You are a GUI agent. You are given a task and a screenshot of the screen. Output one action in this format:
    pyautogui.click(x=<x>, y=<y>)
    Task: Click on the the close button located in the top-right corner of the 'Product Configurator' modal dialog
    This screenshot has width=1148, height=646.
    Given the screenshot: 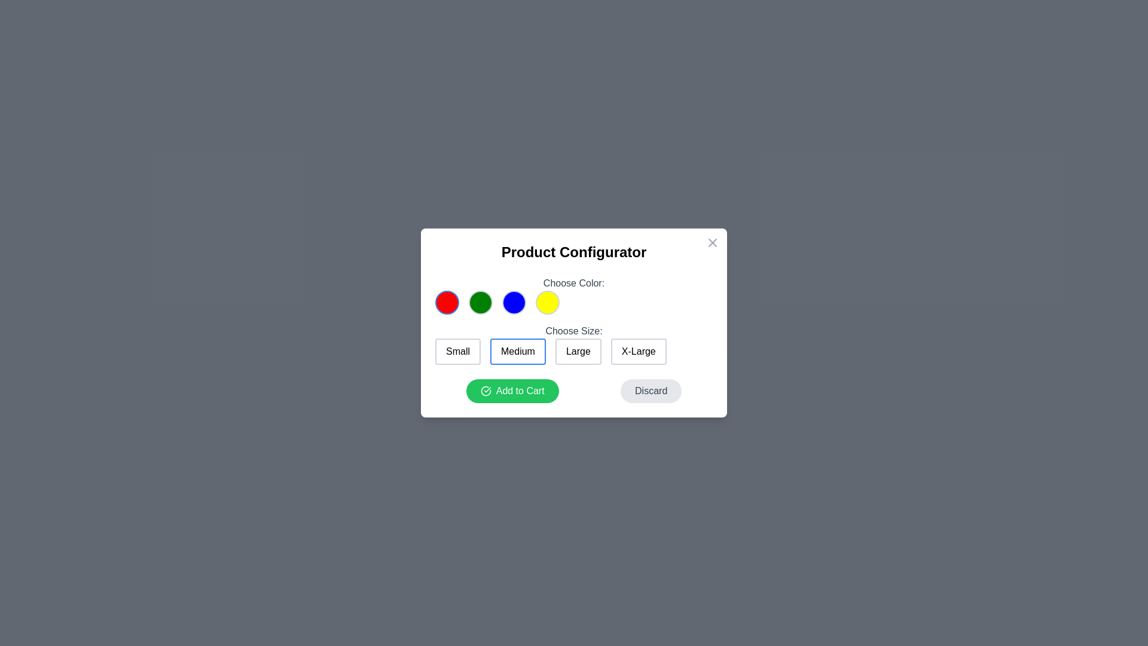 What is the action you would take?
    pyautogui.click(x=712, y=242)
    